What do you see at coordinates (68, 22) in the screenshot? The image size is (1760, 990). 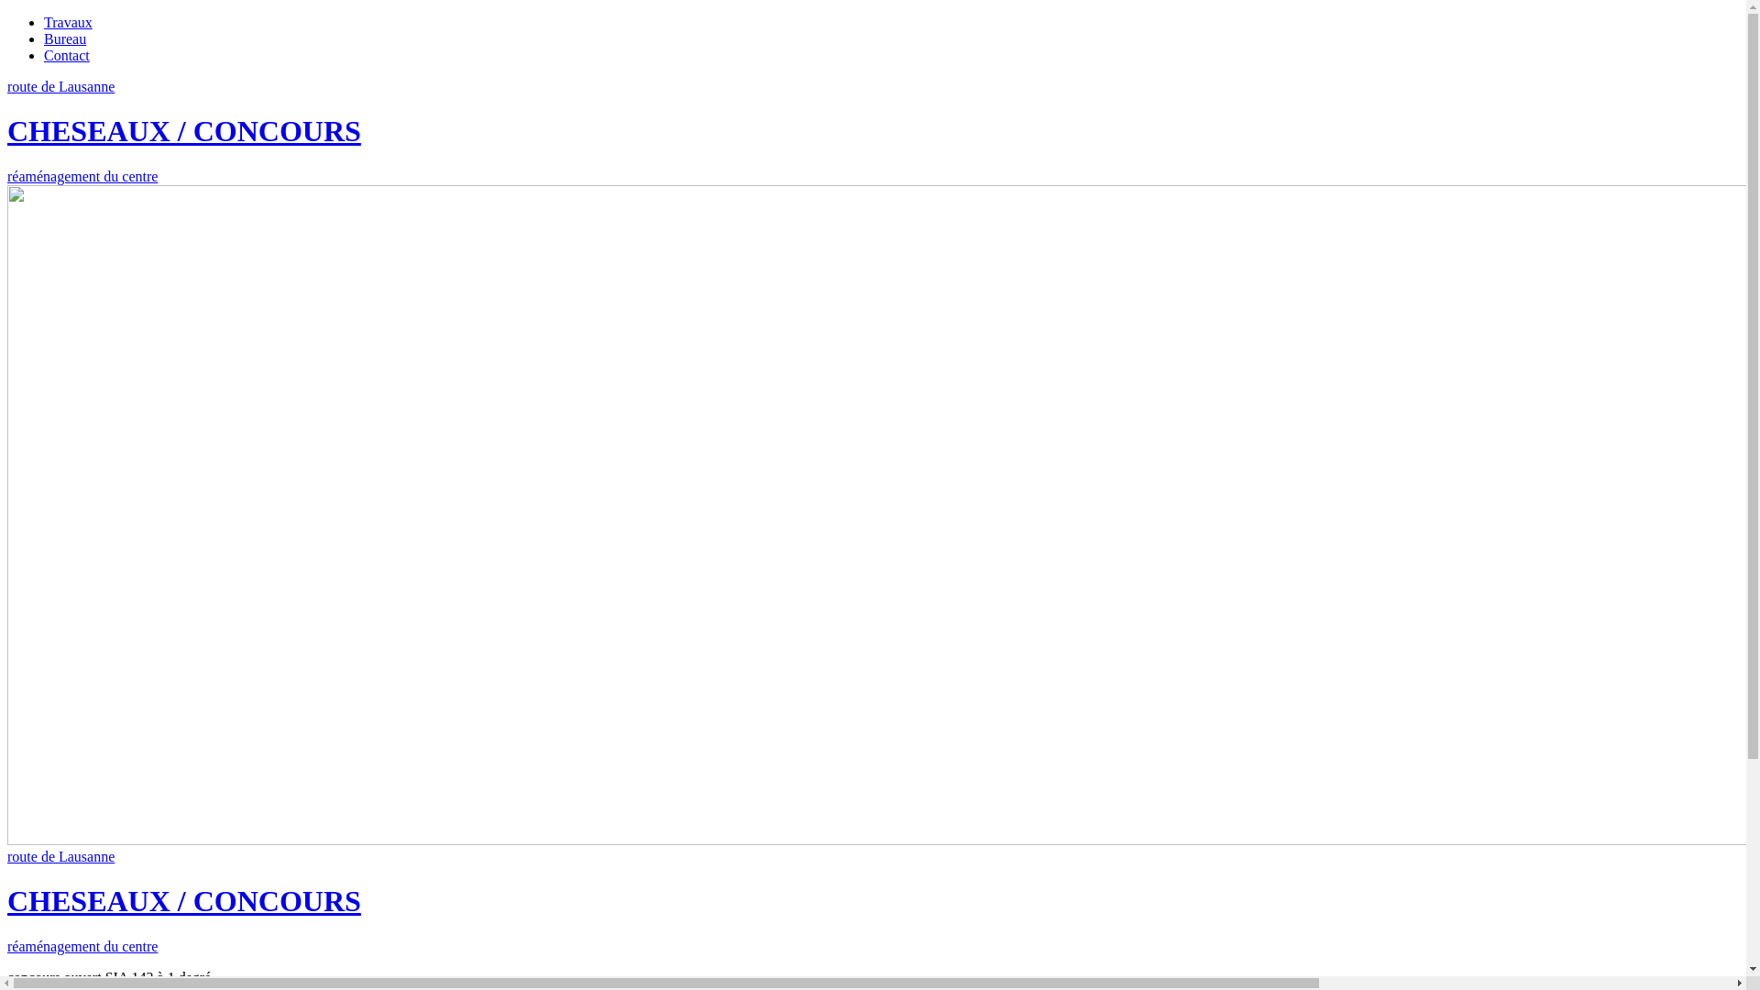 I see `'Travaux'` at bounding box center [68, 22].